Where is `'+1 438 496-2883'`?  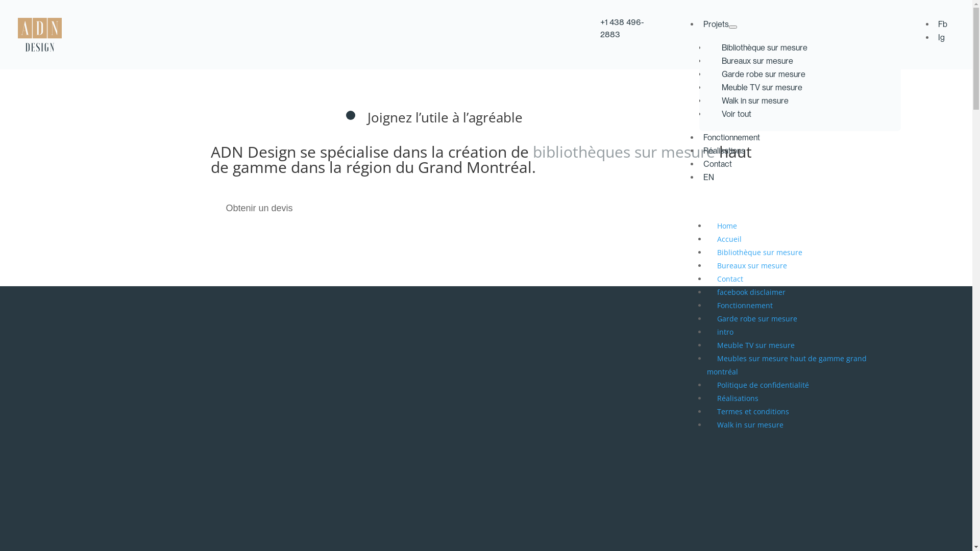
'+1 438 496-2883' is located at coordinates (622, 28).